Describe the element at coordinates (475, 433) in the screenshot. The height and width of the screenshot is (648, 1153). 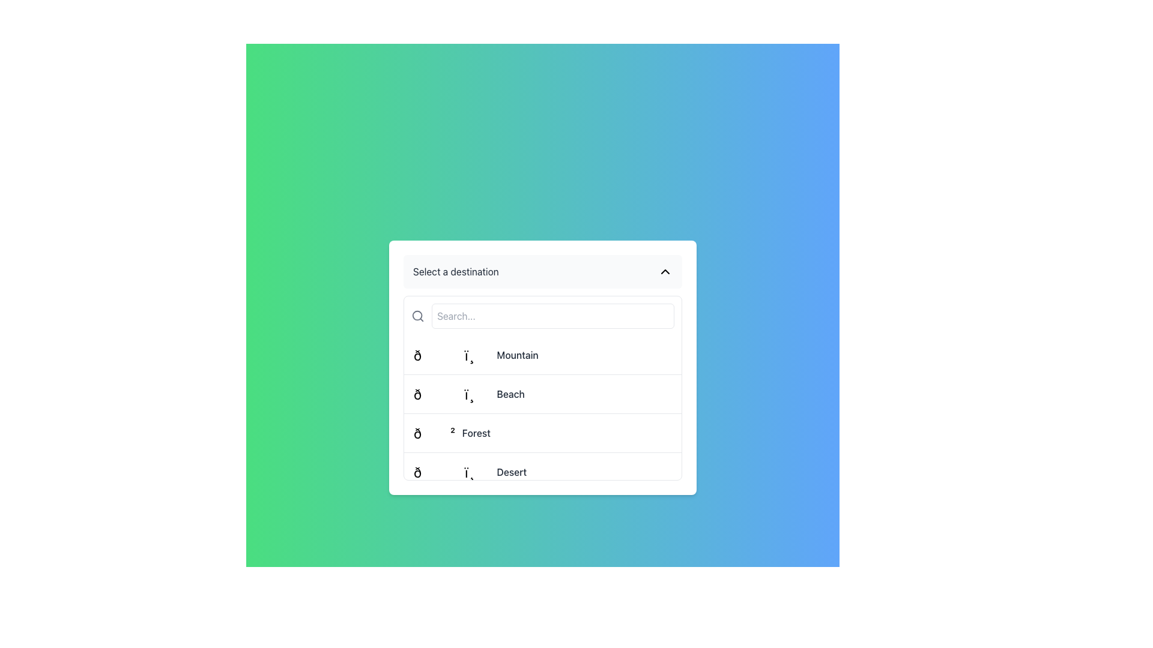
I see `the list item associated with the label or text component that appears as the third text entry under 'Select a destination', located to the right of an emoji or icon` at that location.